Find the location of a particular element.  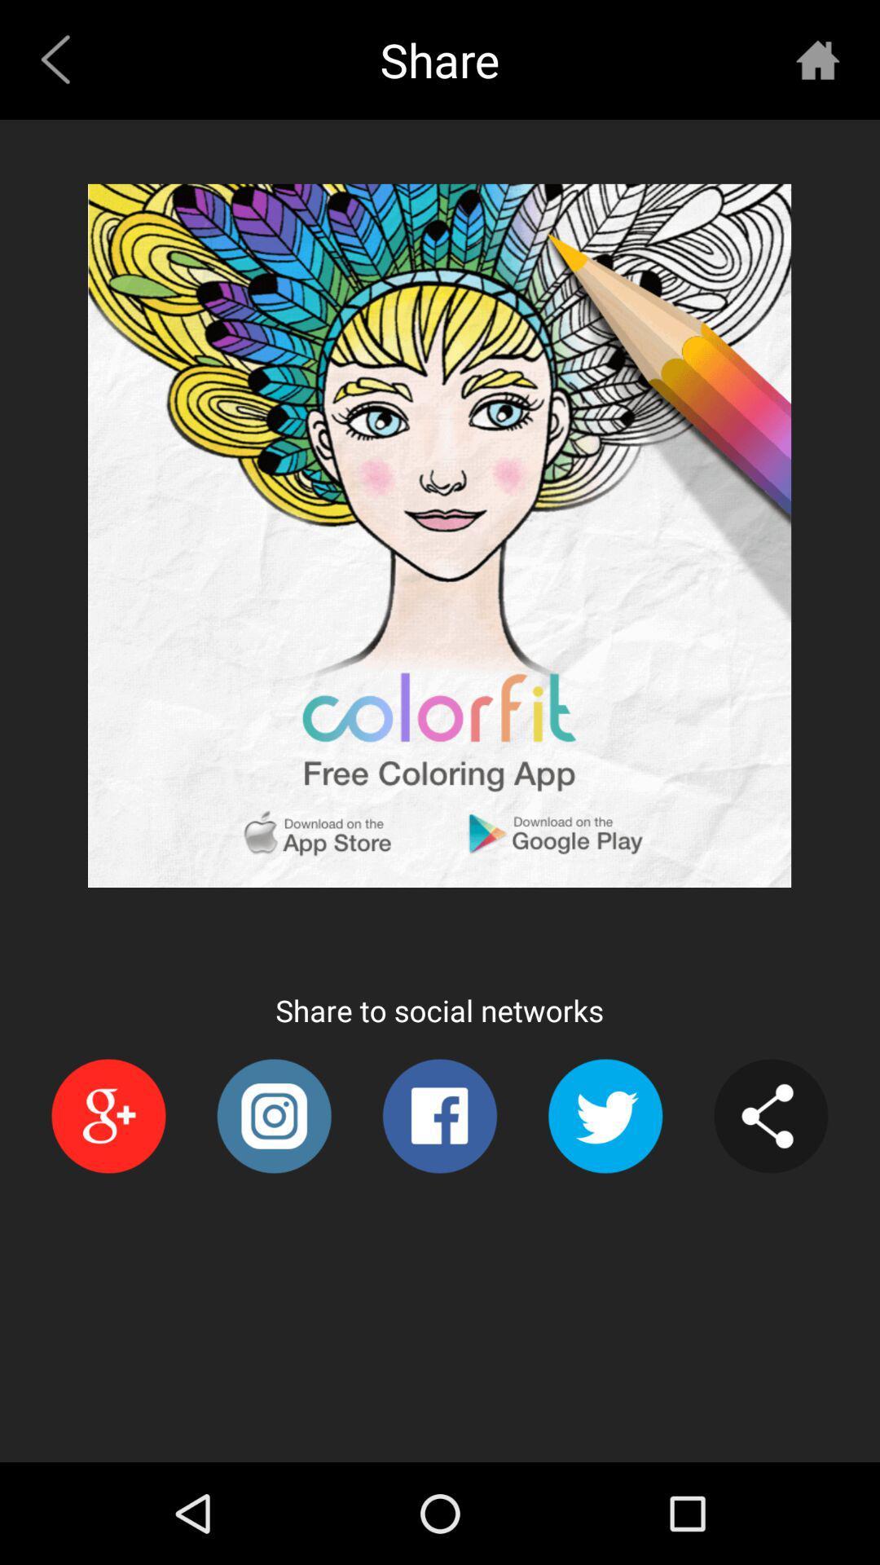

go back is located at coordinates (817, 60).